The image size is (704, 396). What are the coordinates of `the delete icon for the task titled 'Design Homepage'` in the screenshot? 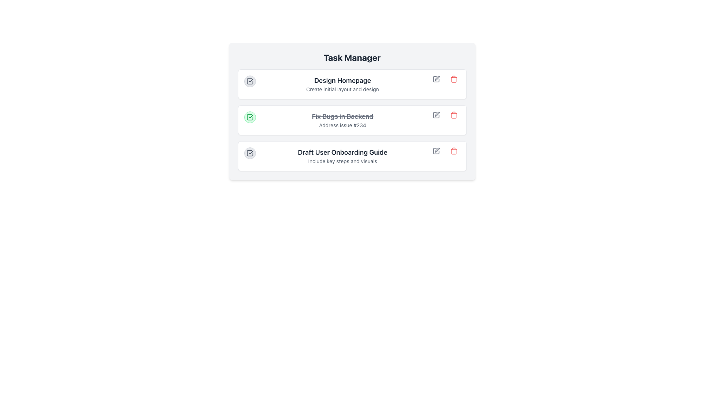 It's located at (453, 79).